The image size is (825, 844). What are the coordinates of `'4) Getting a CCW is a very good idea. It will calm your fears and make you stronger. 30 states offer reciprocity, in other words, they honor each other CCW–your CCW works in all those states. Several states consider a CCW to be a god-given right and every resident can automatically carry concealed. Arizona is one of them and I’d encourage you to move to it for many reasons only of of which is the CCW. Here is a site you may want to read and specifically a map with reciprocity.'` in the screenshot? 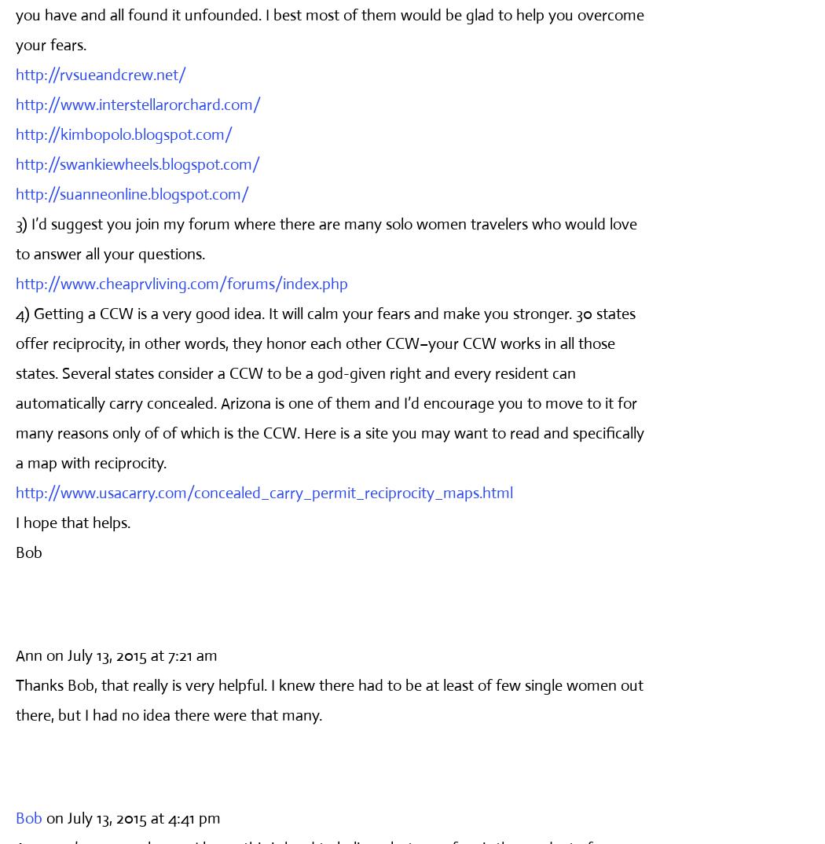 It's located at (329, 387).